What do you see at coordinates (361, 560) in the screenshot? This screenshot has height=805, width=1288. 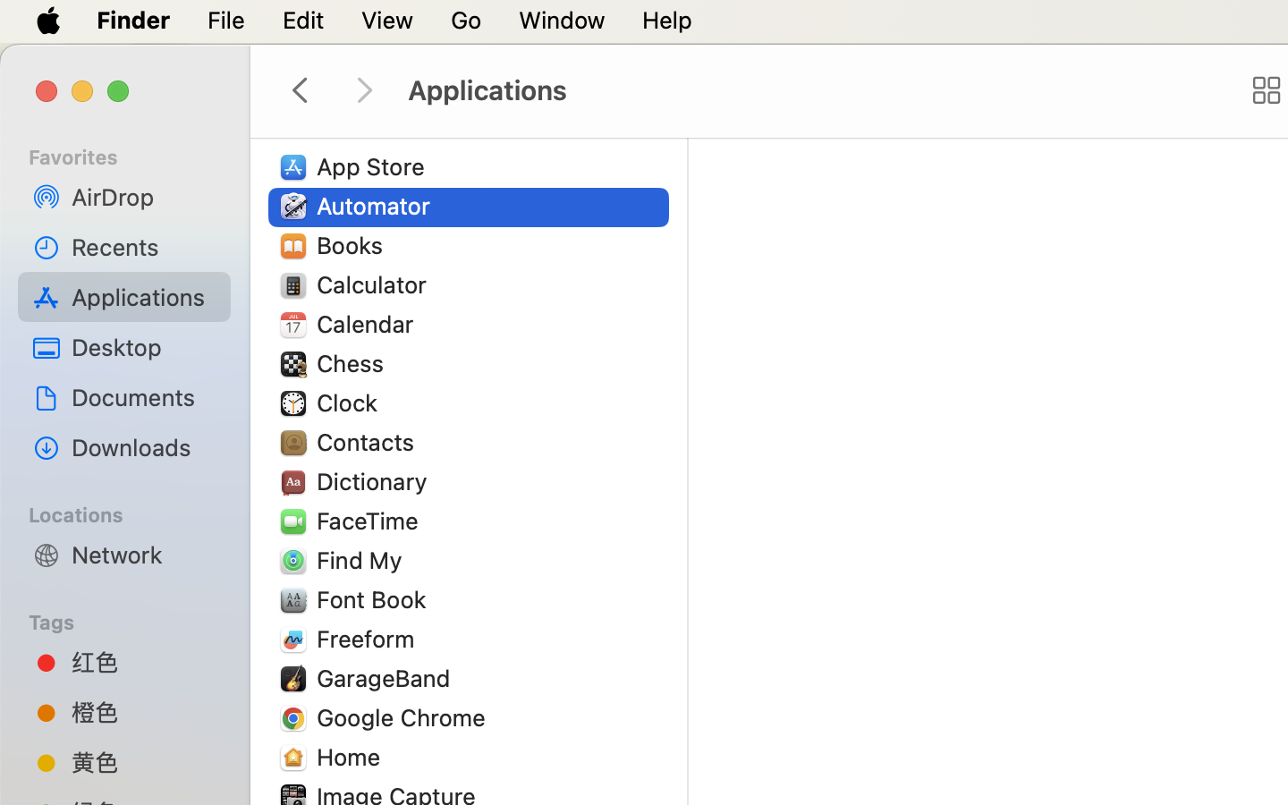 I see `'Find My'` at bounding box center [361, 560].